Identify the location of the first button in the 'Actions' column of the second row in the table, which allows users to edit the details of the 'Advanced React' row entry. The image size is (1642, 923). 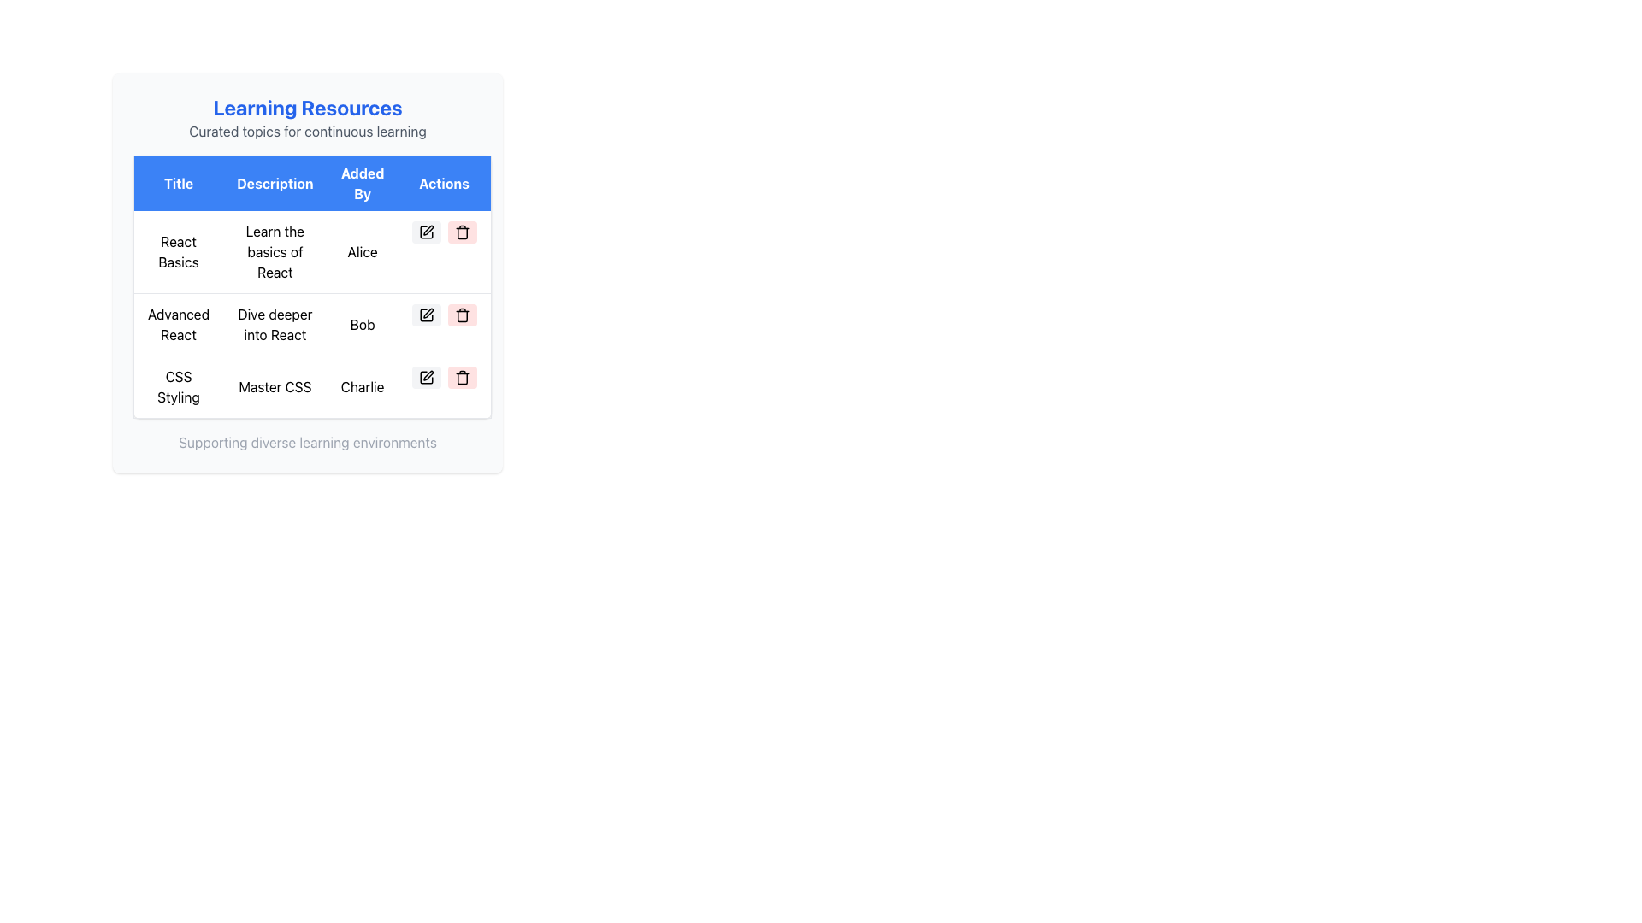
(426, 315).